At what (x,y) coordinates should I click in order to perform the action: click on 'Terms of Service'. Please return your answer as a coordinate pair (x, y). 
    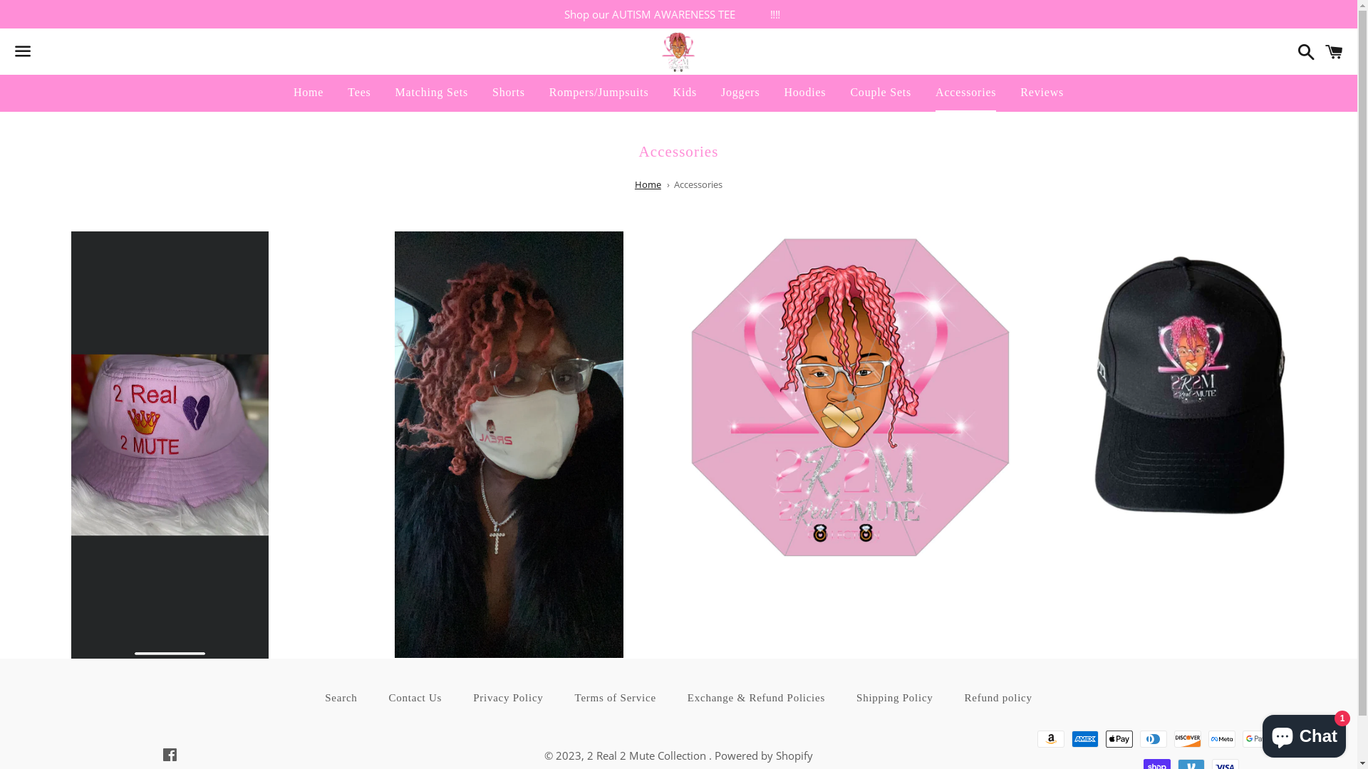
    Looking at the image, I should click on (616, 697).